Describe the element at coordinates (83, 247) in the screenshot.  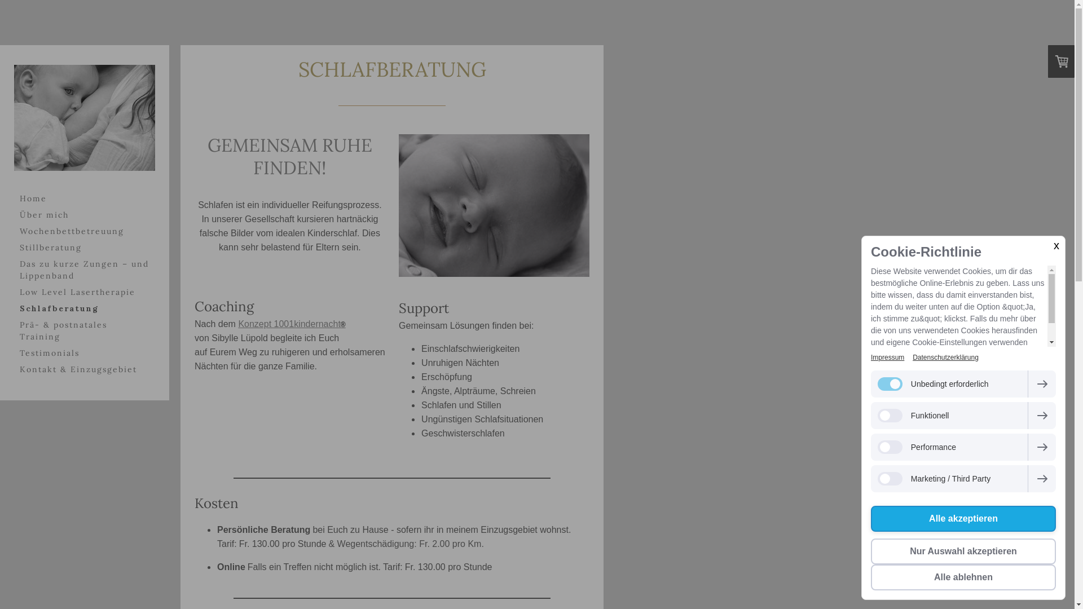
I see `'Stillberatung'` at that location.